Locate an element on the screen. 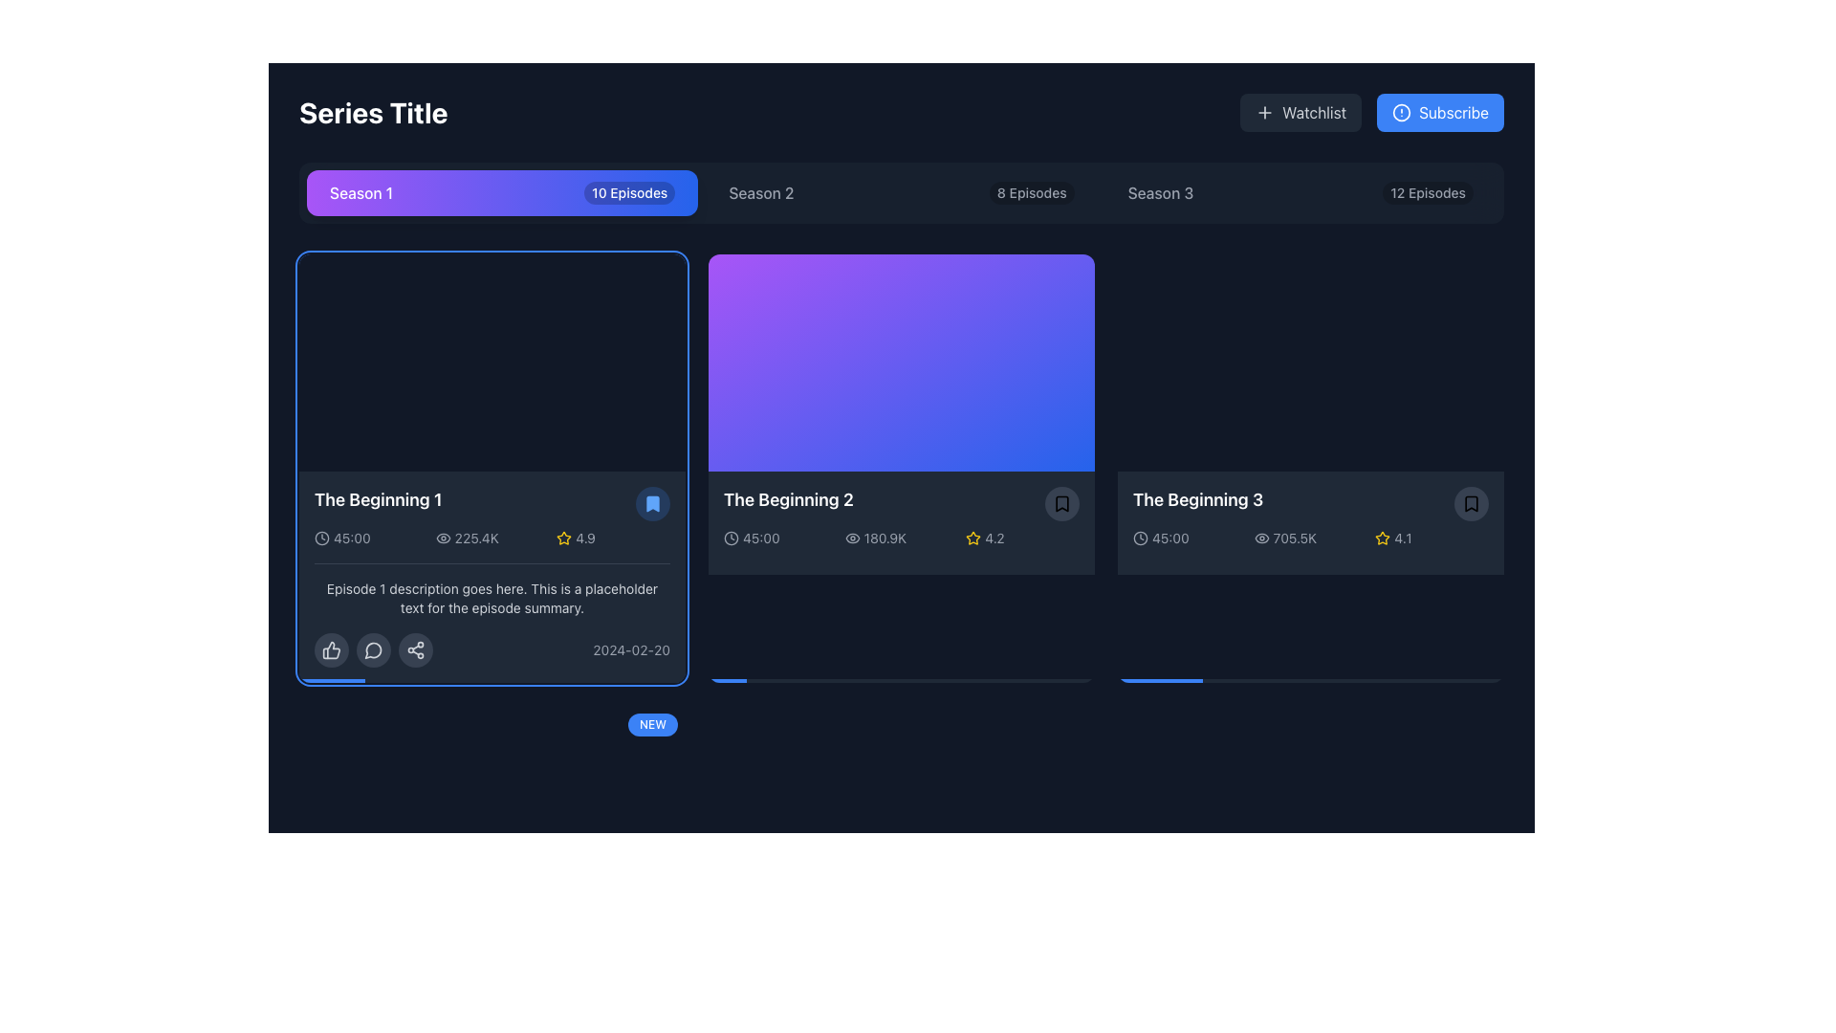 This screenshot has height=1033, width=1836. the comment button located below the episode description, which is the second button in a row of interactive icons, adjacent is located at coordinates (373, 649).